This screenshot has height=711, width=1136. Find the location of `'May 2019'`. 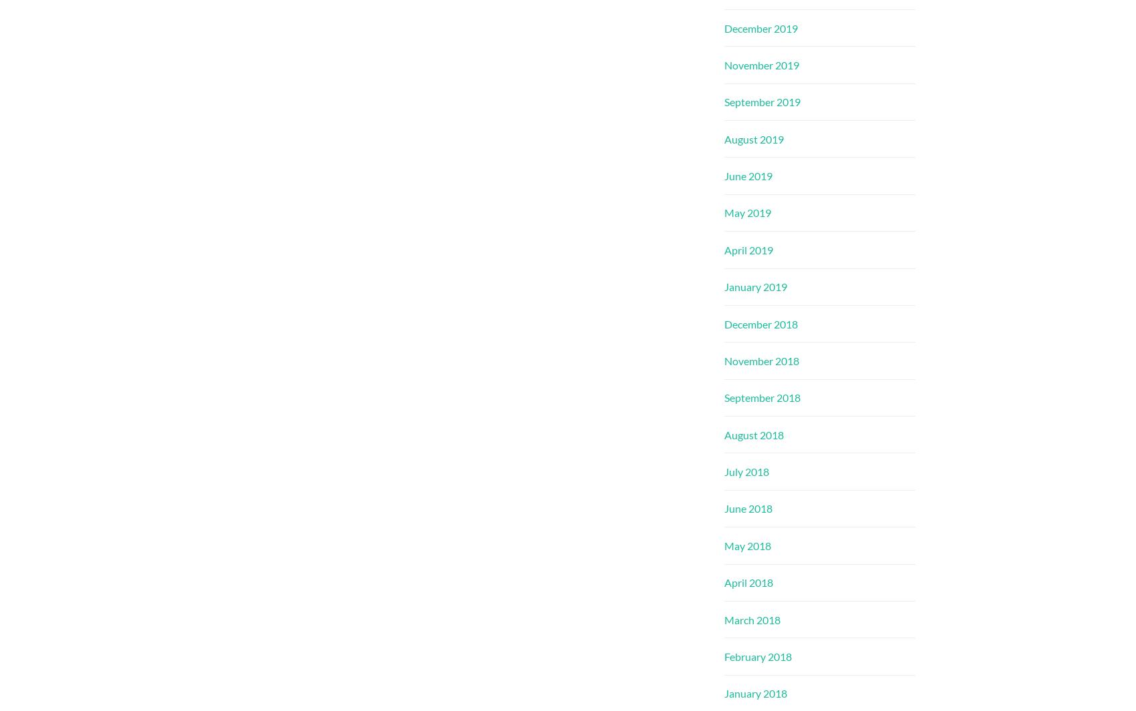

'May 2019' is located at coordinates (724, 212).